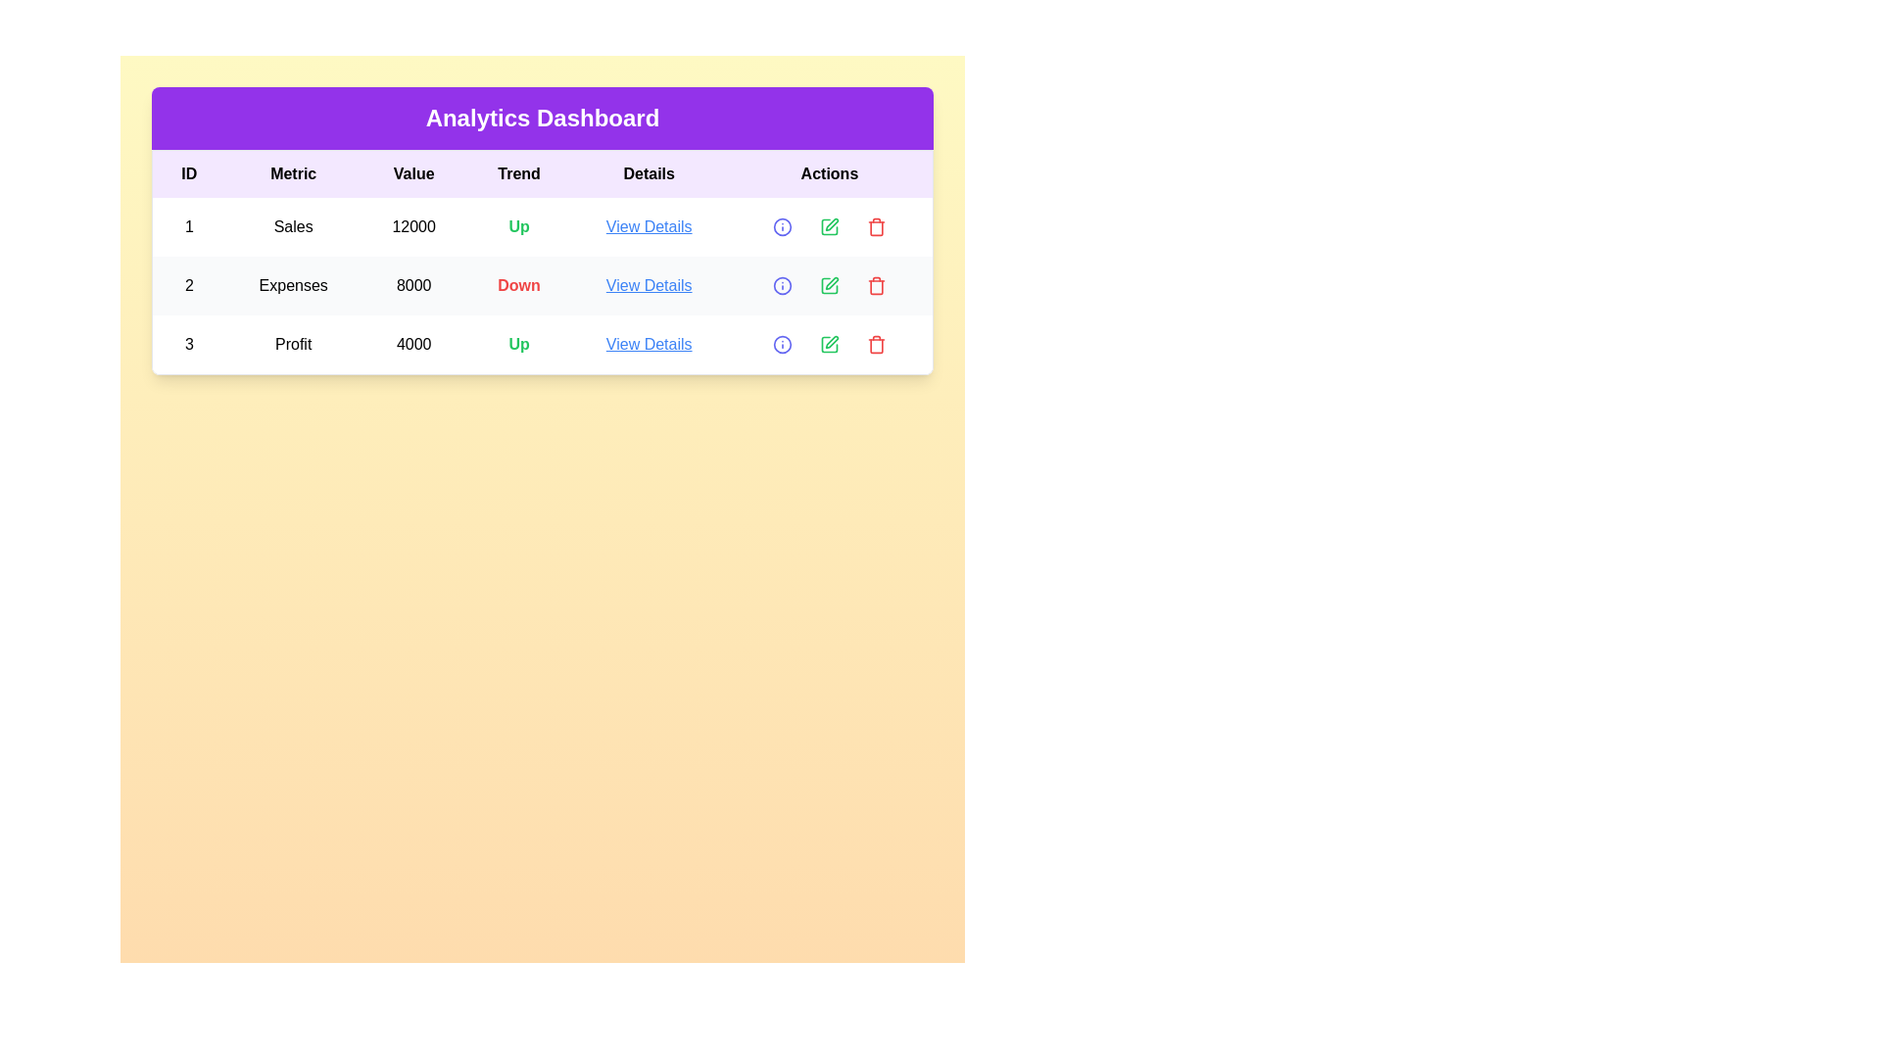 This screenshot has height=1058, width=1881. I want to click on the first table cell containing the text '1' under the 'ID' column in the 'Sales' row, so click(189, 225).